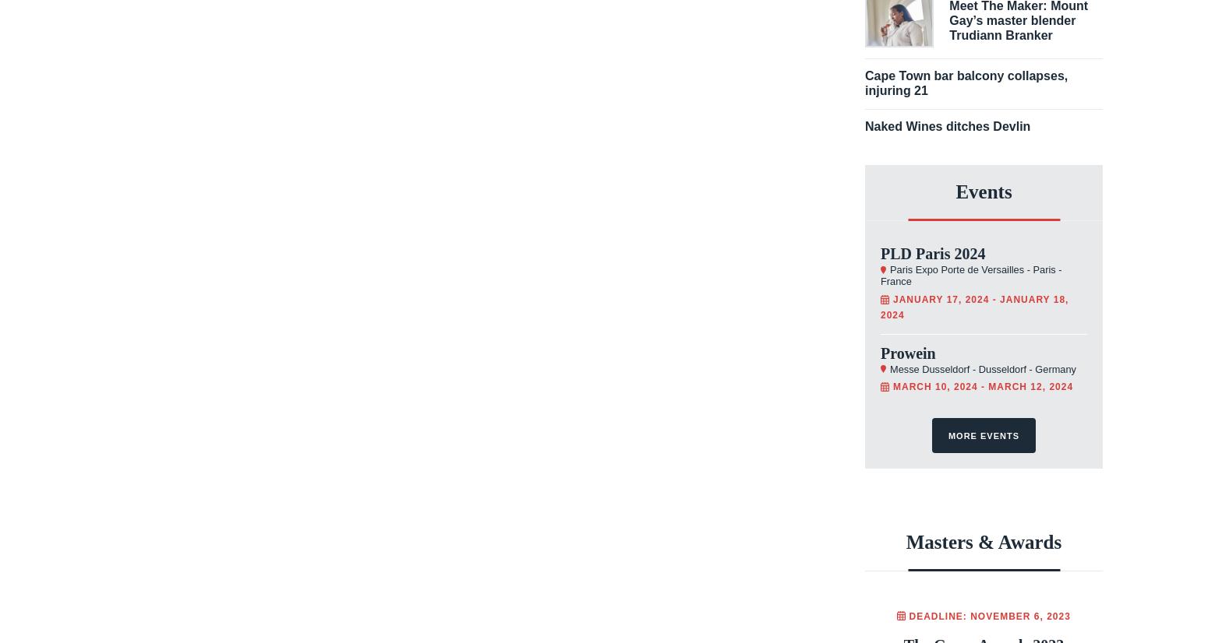 This screenshot has height=643, width=1208. Describe the element at coordinates (970, 276) in the screenshot. I see `'Paris Expo Porte de Versailles 
                                     - Paris - France'` at that location.